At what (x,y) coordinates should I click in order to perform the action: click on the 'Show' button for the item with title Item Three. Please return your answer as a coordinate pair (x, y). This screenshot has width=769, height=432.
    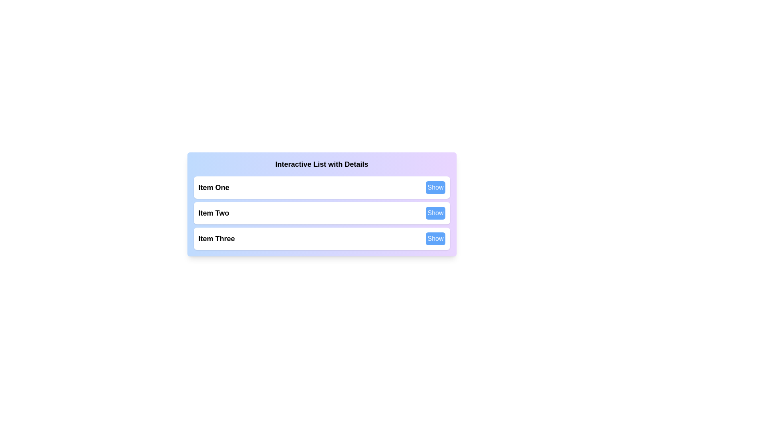
    Looking at the image, I should click on (435, 238).